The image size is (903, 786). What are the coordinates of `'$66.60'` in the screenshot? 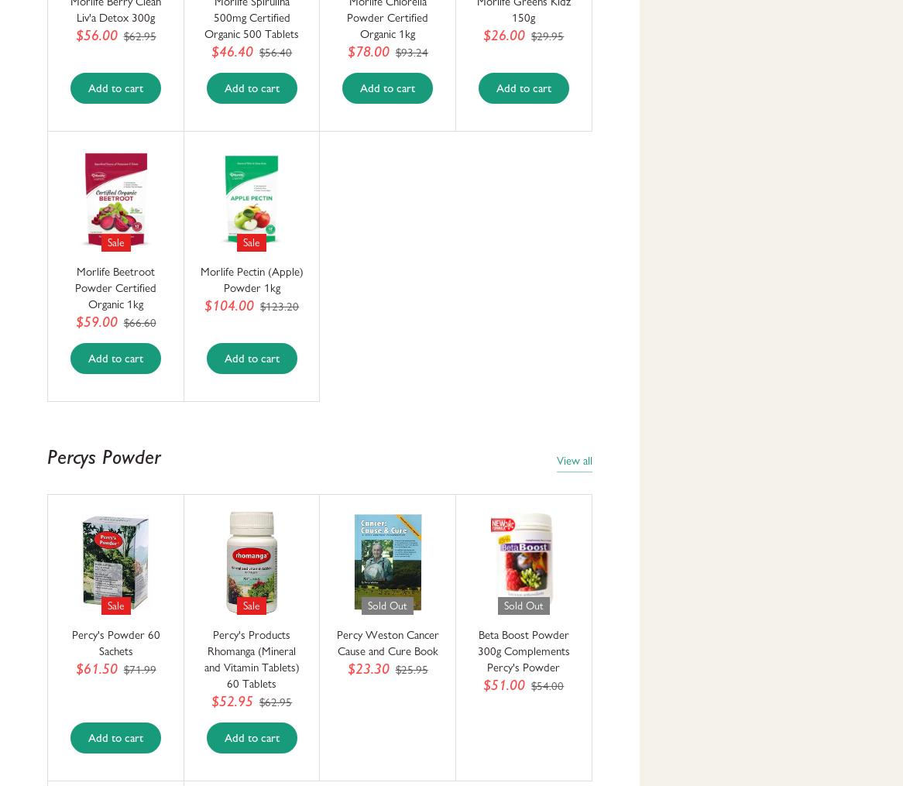 It's located at (123, 322).